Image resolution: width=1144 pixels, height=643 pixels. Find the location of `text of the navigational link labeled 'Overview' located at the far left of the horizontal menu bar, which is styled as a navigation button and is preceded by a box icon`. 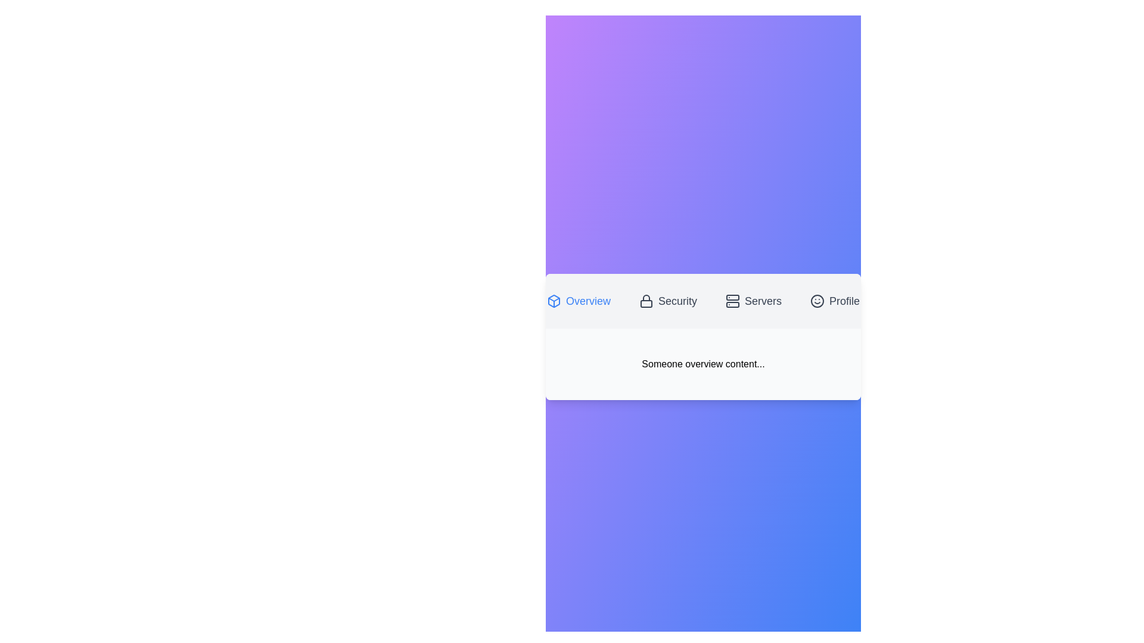

text of the navigational link labeled 'Overview' located at the far left of the horizontal menu bar, which is styled as a navigation button and is preceded by a box icon is located at coordinates (588, 300).